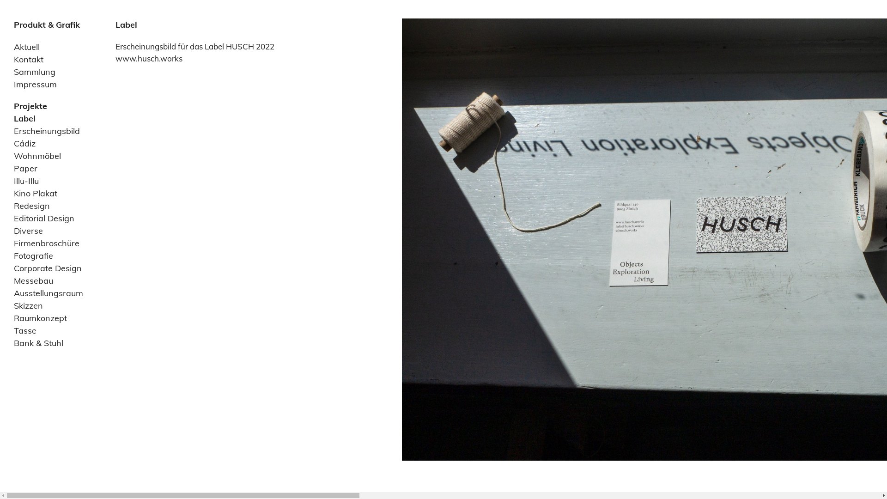  What do you see at coordinates (30, 105) in the screenshot?
I see `'Projekte'` at bounding box center [30, 105].